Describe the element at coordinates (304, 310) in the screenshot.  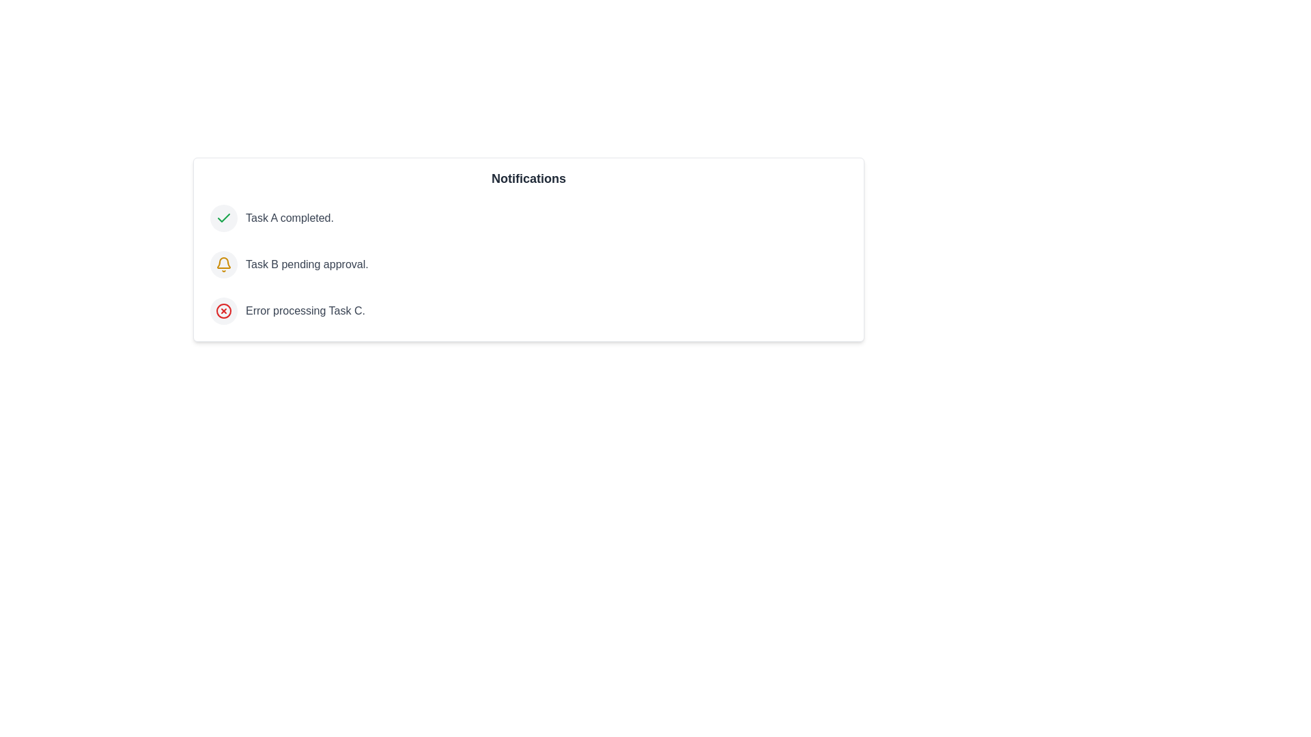
I see `the notification text for Error processing Task C` at that location.